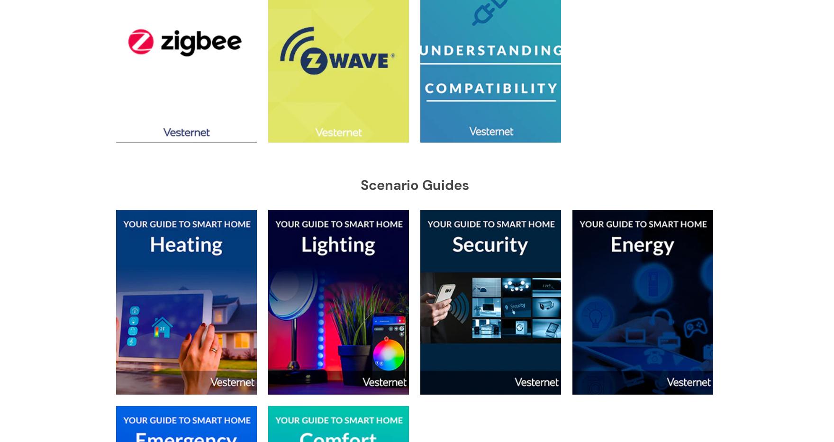  Describe the element at coordinates (414, 185) in the screenshot. I see `'Scenario Guides'` at that location.